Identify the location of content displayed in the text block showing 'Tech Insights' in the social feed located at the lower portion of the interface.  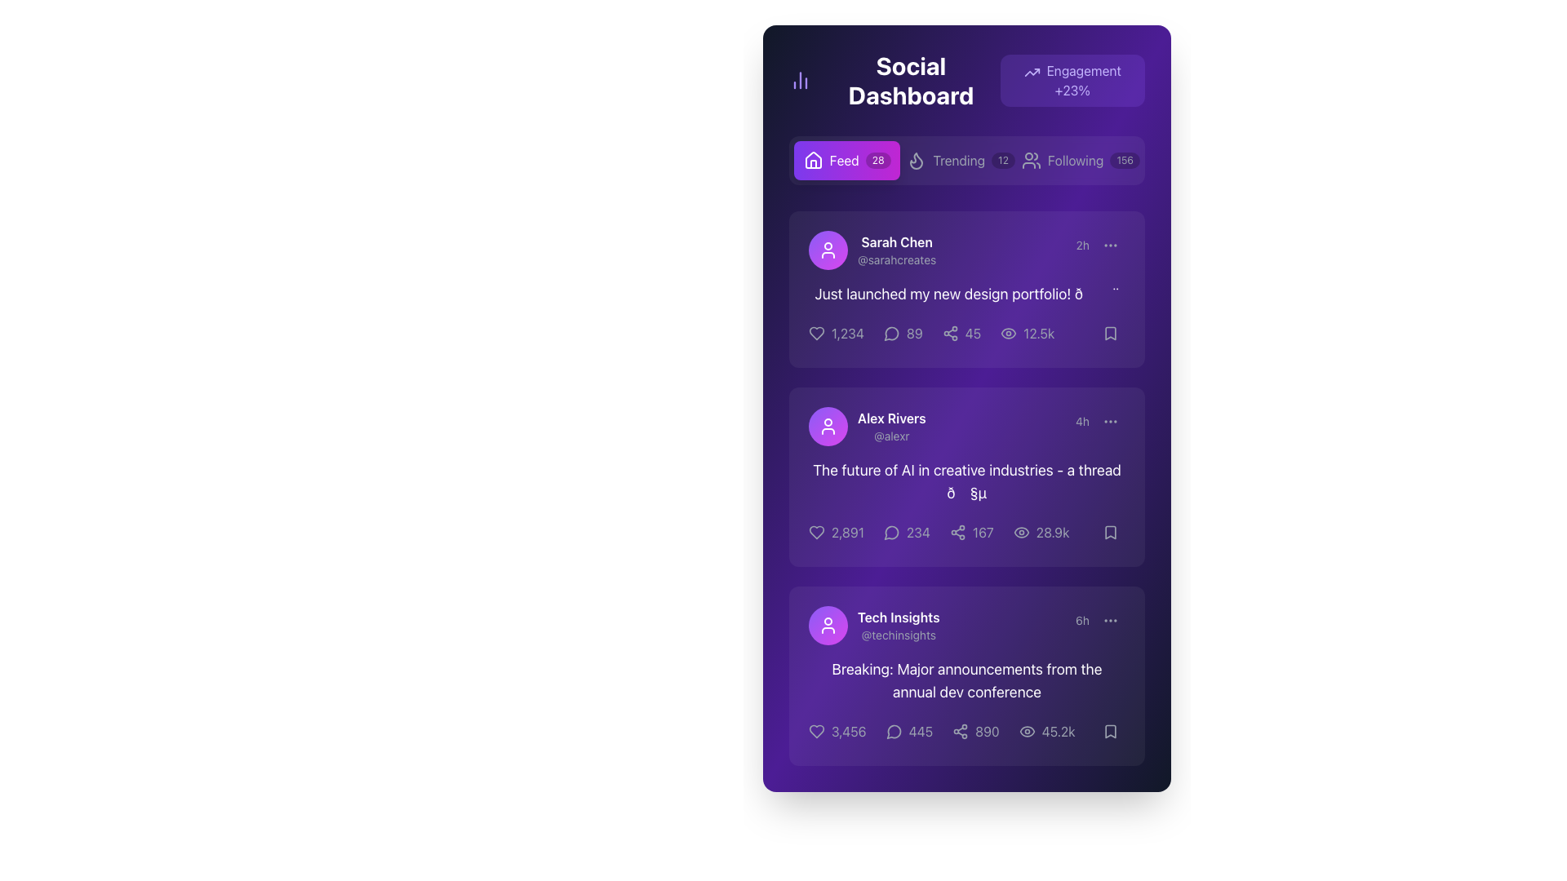
(898, 625).